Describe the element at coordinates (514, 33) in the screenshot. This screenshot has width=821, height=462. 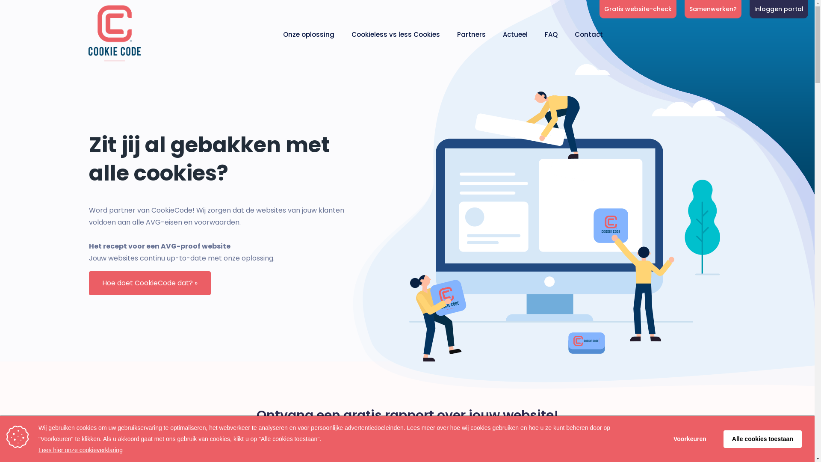
I see `'Actueel'` at that location.